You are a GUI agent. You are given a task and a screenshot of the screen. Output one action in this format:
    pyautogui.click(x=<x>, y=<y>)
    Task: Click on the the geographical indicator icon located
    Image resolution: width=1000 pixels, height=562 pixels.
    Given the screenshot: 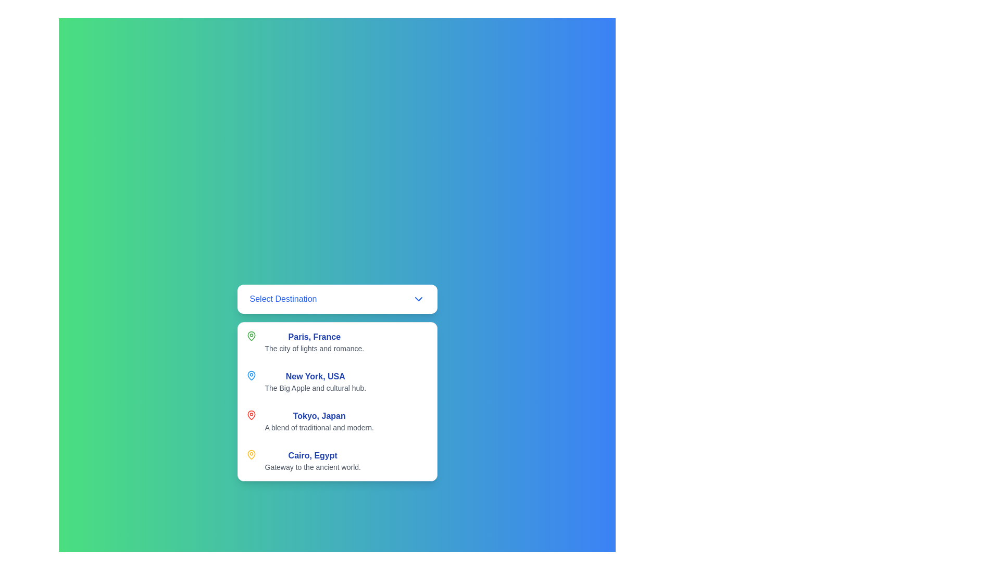 What is the action you would take?
    pyautogui.click(x=251, y=375)
    